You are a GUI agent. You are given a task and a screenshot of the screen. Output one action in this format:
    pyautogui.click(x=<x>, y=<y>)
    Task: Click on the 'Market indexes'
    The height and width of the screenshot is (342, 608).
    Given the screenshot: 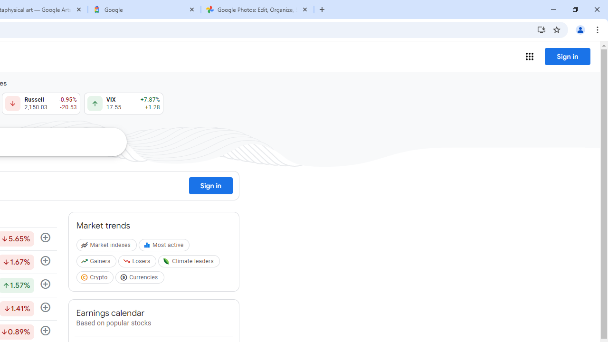 What is the action you would take?
    pyautogui.click(x=107, y=247)
    